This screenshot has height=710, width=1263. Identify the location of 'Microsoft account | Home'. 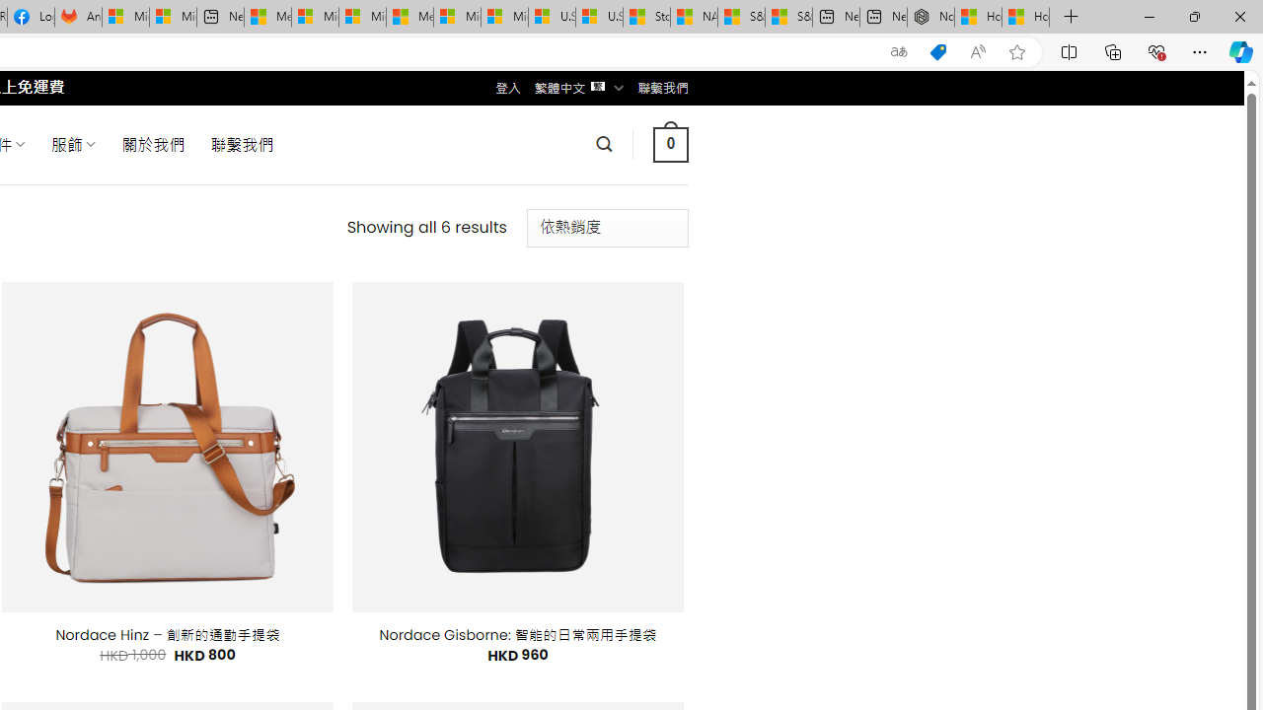
(362, 17).